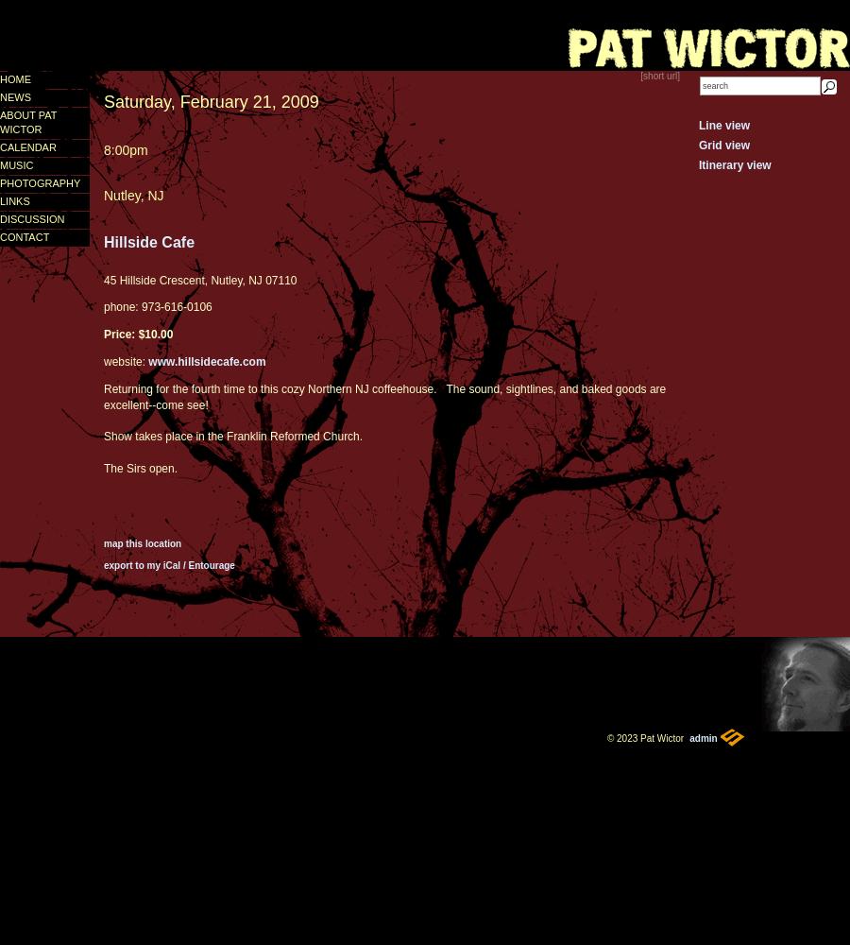 This screenshot has width=850, height=945. Describe the element at coordinates (13, 200) in the screenshot. I see `'links'` at that location.